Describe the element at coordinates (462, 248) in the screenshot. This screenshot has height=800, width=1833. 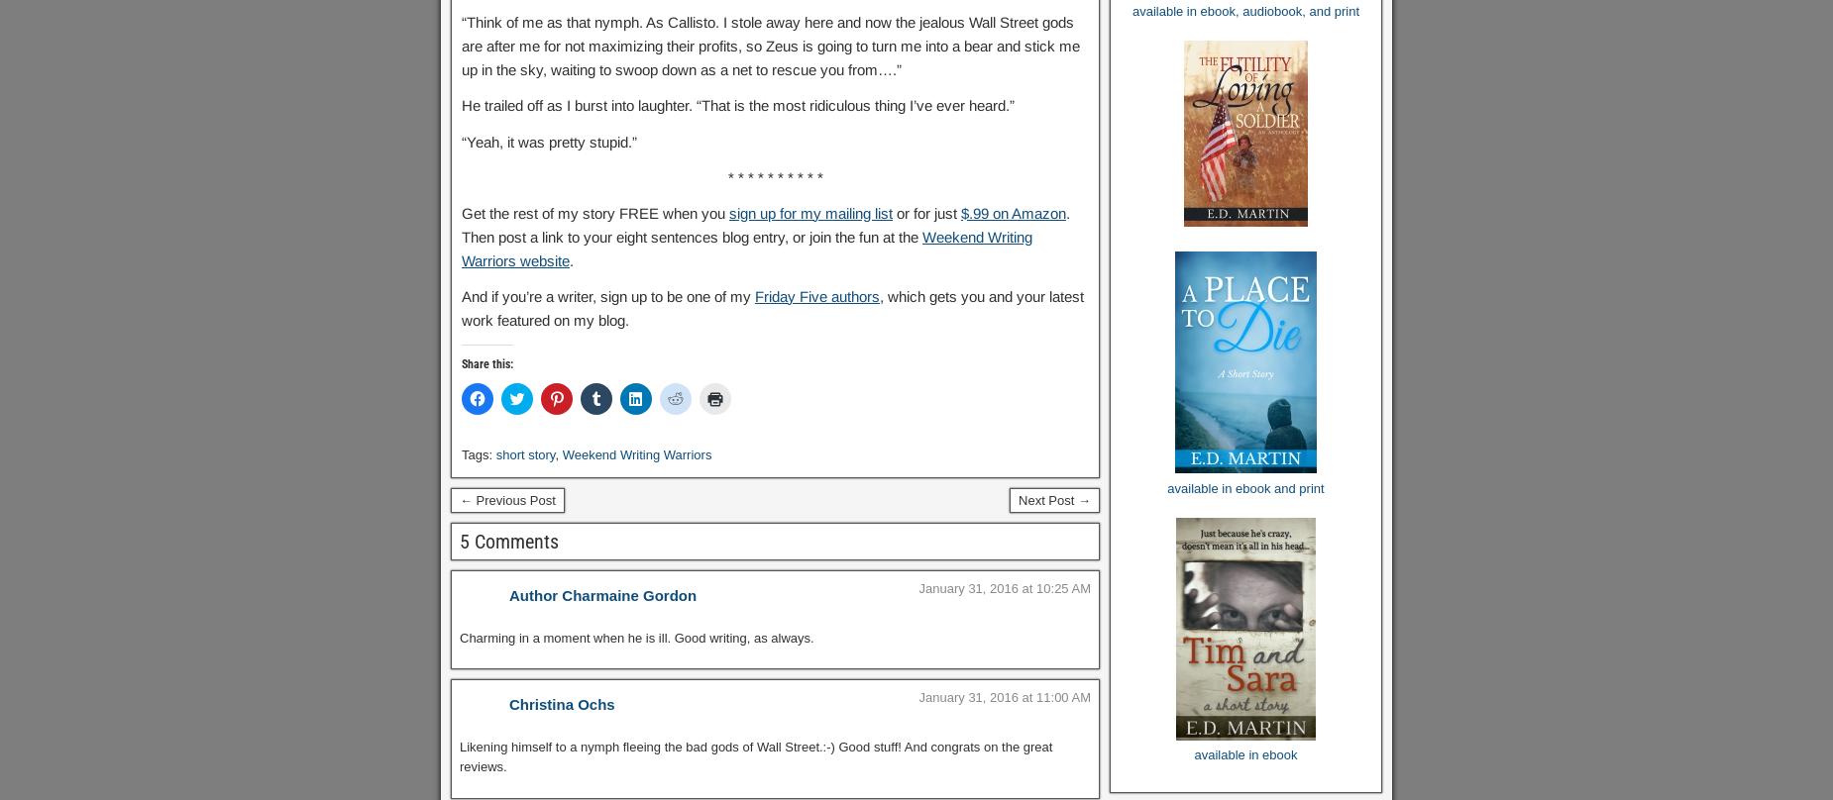
I see `'Weekend Writing Warriors website'` at that location.